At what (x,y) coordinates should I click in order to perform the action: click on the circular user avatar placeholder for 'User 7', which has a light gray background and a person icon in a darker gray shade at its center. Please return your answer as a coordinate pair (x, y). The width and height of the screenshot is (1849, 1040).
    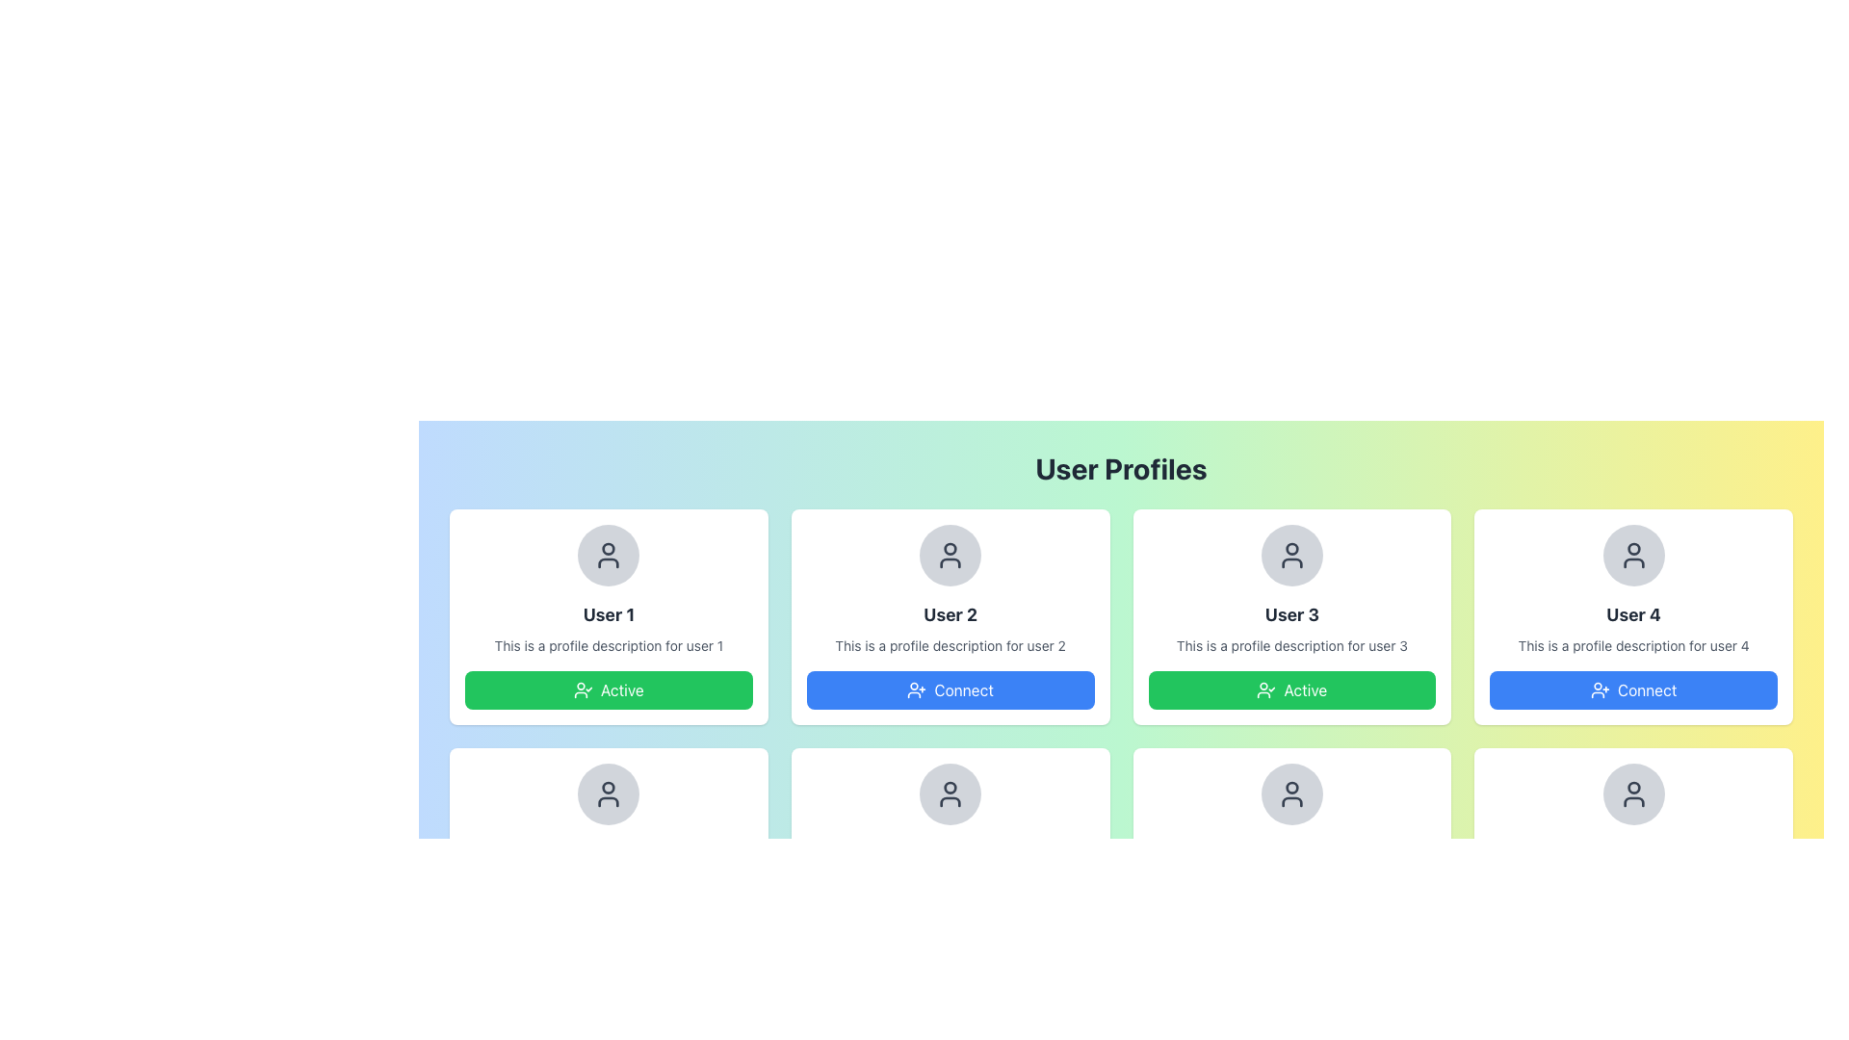
    Looking at the image, I should click on (1291, 794).